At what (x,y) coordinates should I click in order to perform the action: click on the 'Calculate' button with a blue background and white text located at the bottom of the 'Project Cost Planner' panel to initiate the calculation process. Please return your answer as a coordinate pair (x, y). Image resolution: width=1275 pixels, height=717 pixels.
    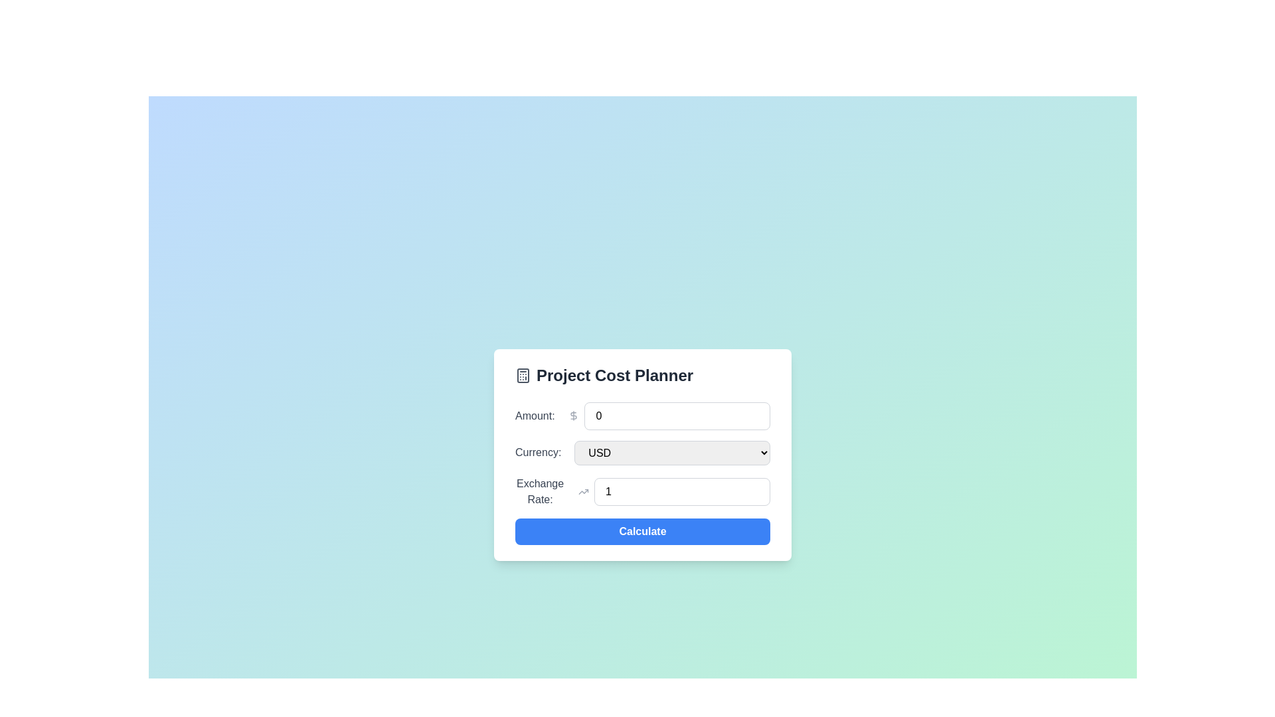
    Looking at the image, I should click on (643, 530).